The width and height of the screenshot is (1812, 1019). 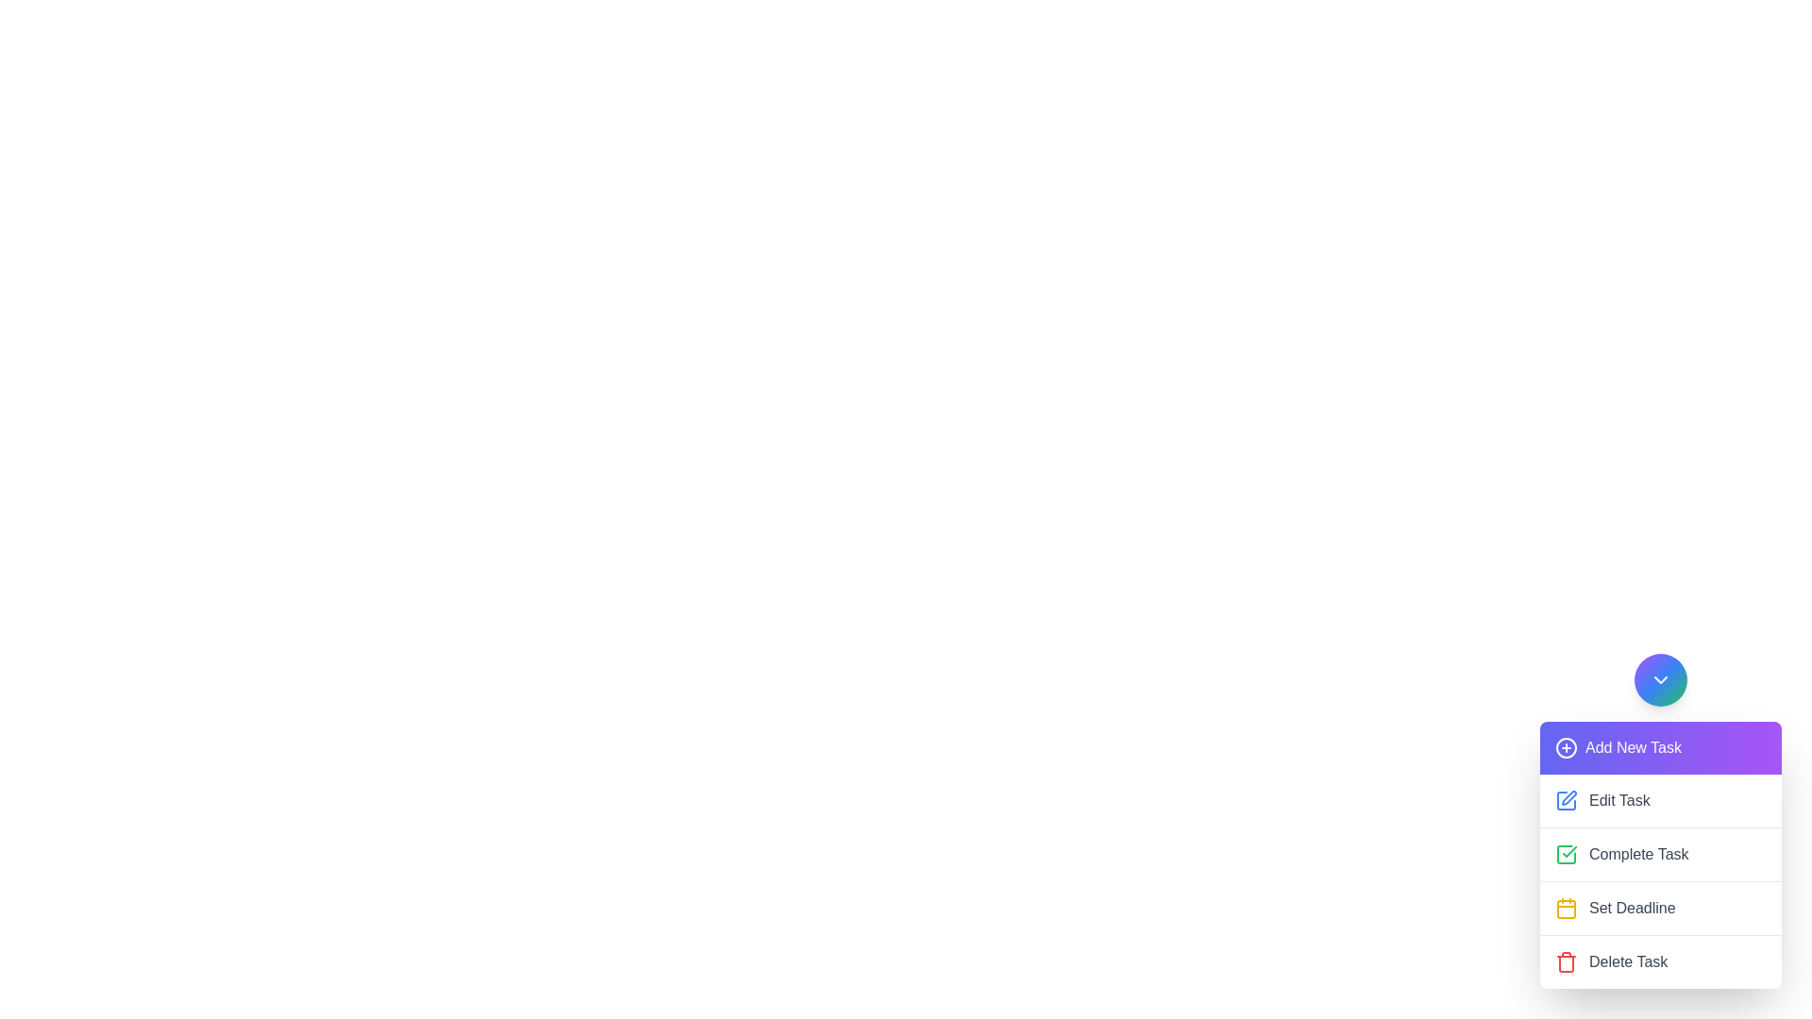 What do you see at coordinates (1631, 908) in the screenshot?
I see `label for the menu option that is associated with setting or managing deadlines for tasks, positioned below the 'Complete Task' option and above the 'Delete Task' option` at bounding box center [1631, 908].